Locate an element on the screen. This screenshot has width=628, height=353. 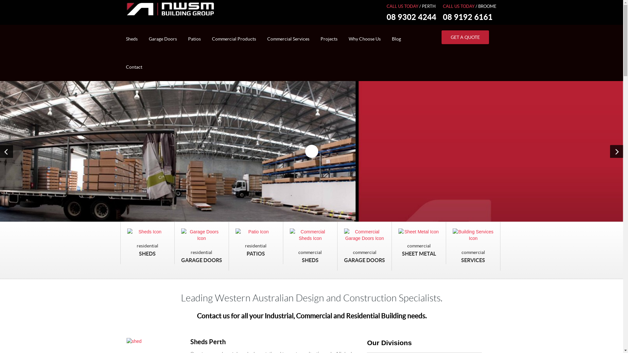
'commercial is located at coordinates (473, 246).